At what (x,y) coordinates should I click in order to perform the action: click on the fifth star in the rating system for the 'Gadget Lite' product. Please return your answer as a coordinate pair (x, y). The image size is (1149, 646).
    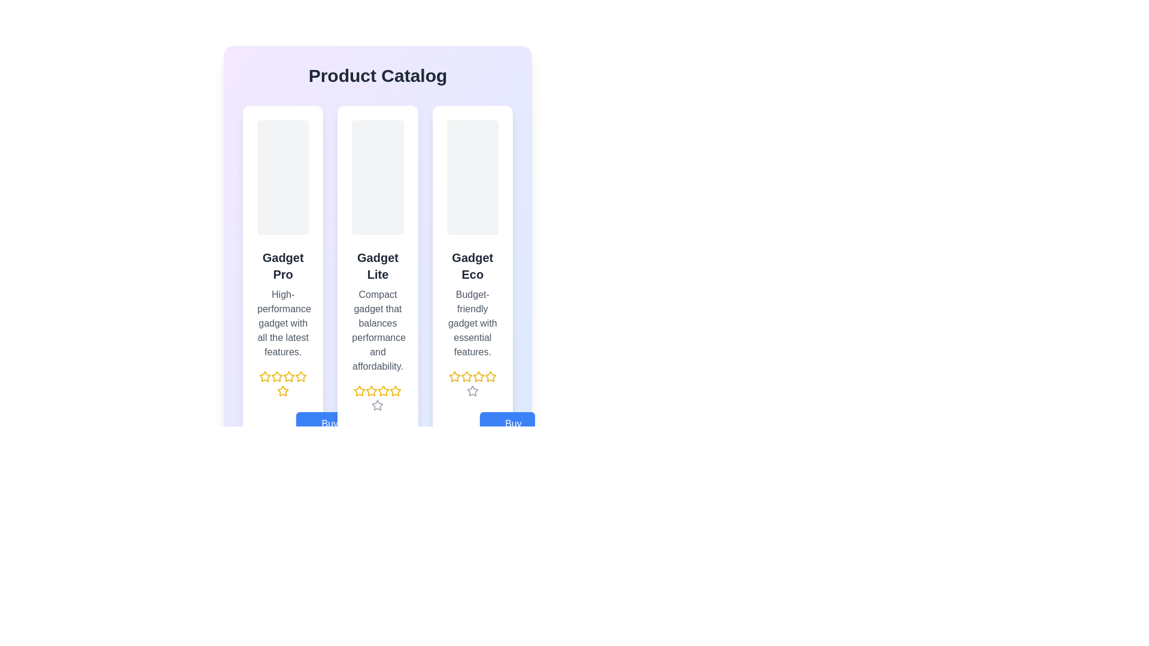
    Looking at the image, I should click on (396, 391).